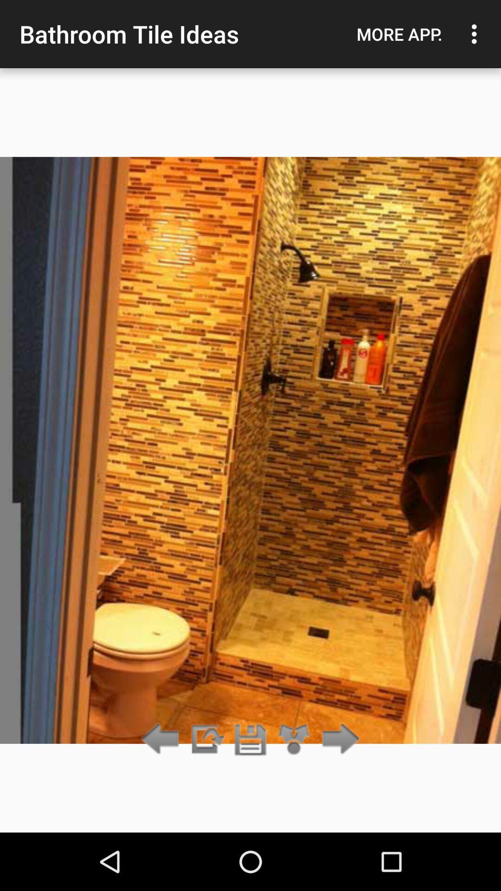 Image resolution: width=501 pixels, height=891 pixels. Describe the element at coordinates (399, 34) in the screenshot. I see `more app.` at that location.